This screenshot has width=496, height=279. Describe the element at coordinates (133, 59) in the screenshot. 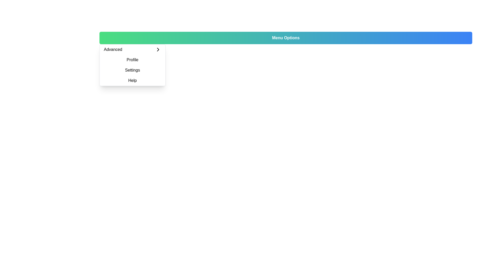

I see `the 'Profile' menu option, which is the second item in the vertical menu list, positioned between 'Advanced' and 'Settings'` at that location.